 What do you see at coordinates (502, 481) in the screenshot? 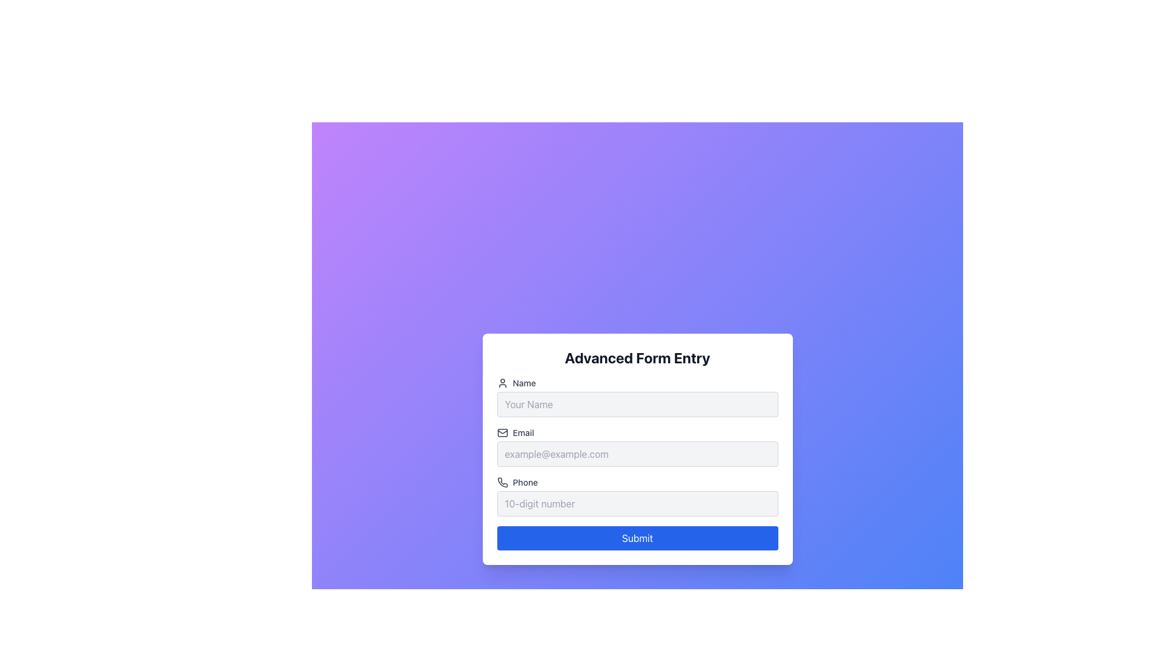
I see `the phone icon within the input field labeled 'Phone' to signify its purpose for collecting a phone number` at bounding box center [502, 481].